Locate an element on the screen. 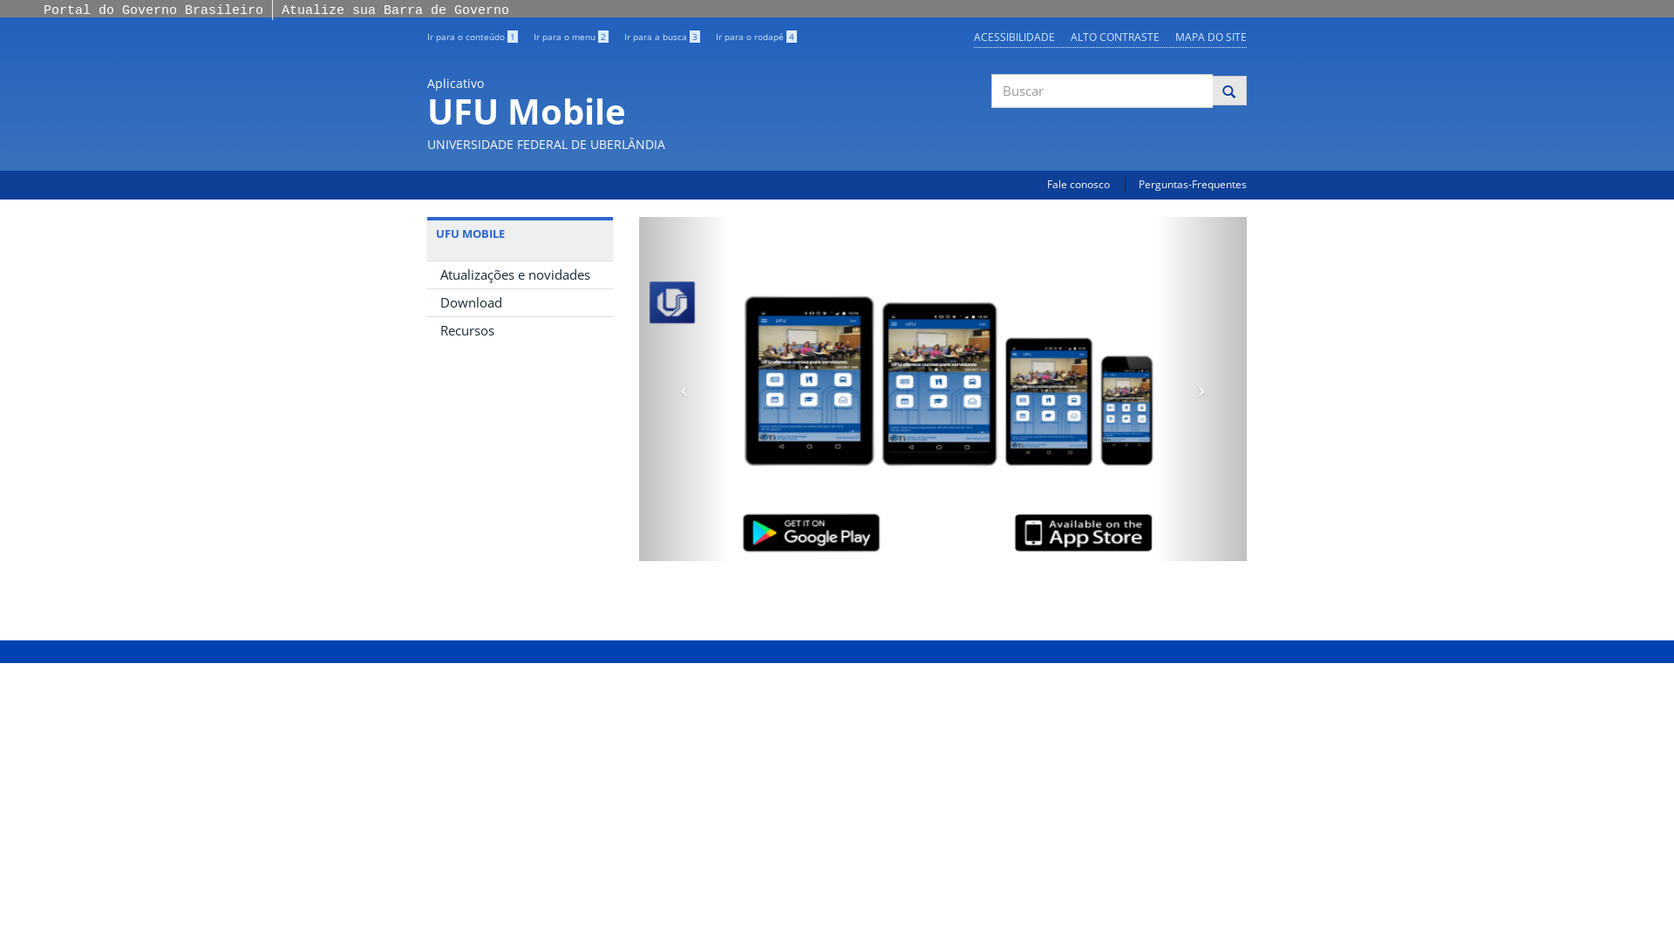 The width and height of the screenshot is (1674, 941). 'Perguntas-Frequentes' is located at coordinates (1192, 184).